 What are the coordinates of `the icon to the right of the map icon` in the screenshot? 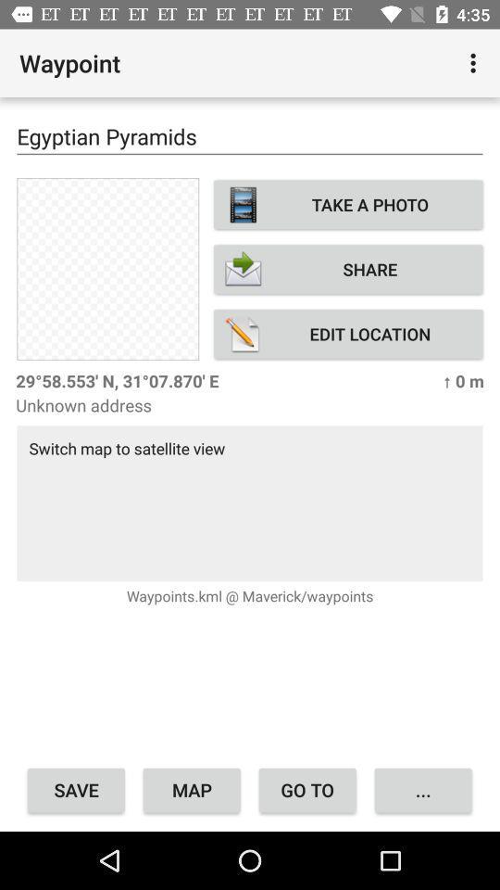 It's located at (307, 789).